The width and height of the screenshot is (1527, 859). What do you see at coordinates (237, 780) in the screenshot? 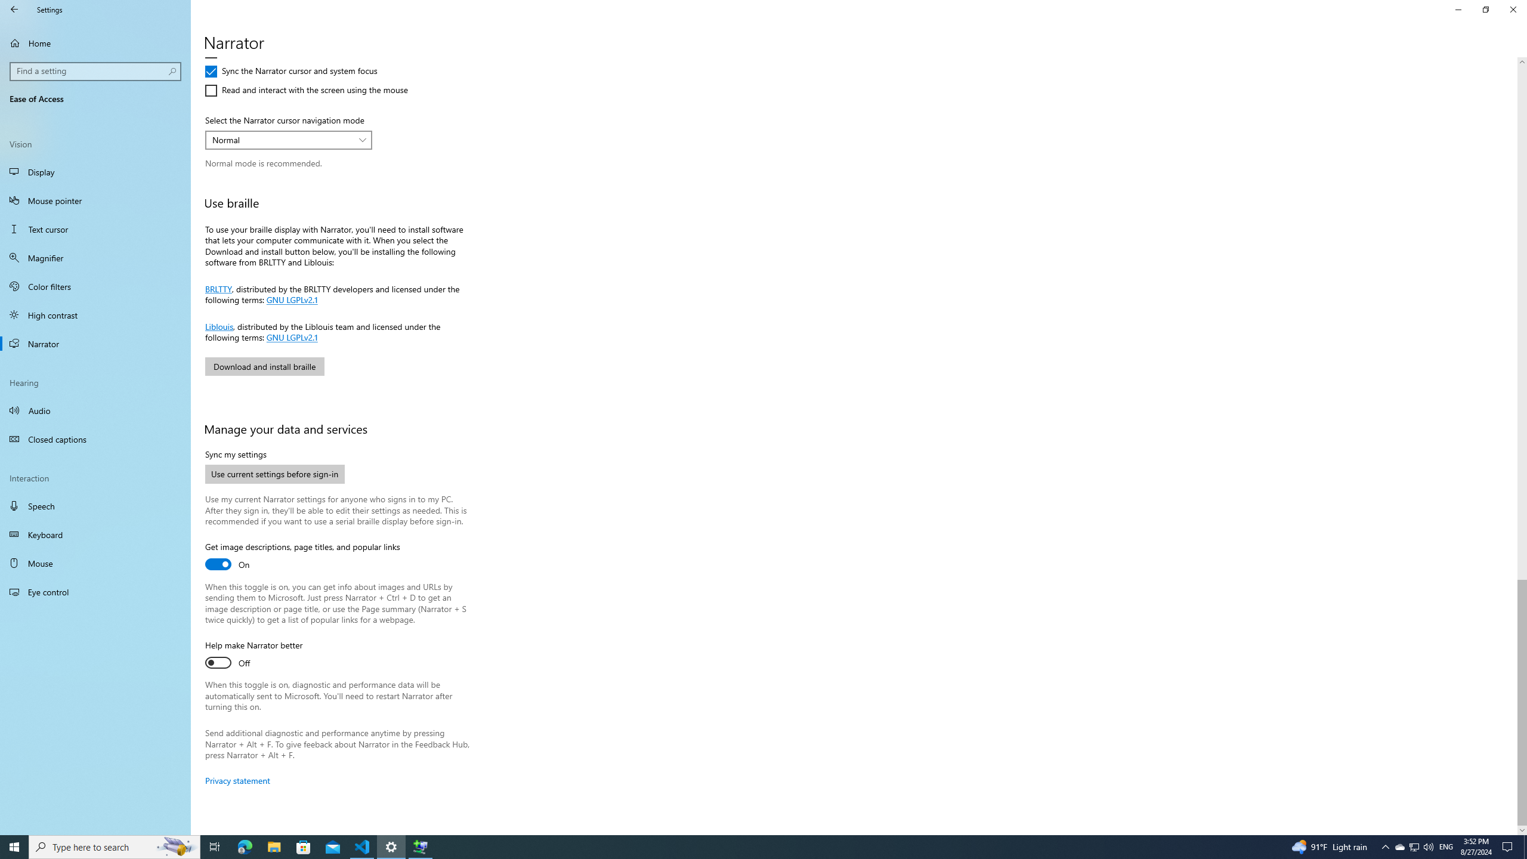
I see `'Privacy statement'` at bounding box center [237, 780].